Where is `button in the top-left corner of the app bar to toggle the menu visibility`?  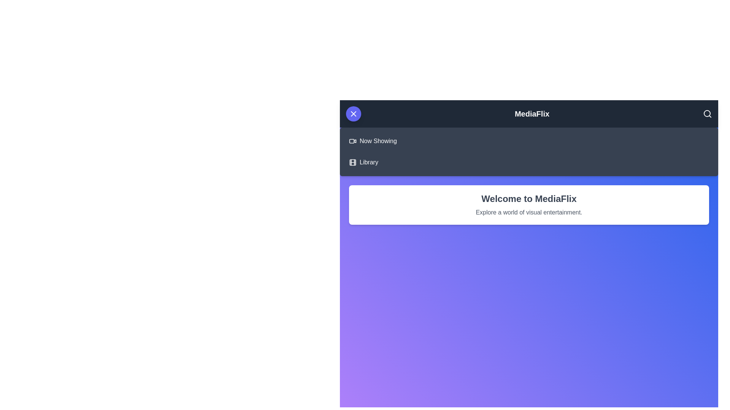
button in the top-left corner of the app bar to toggle the menu visibility is located at coordinates (353, 114).